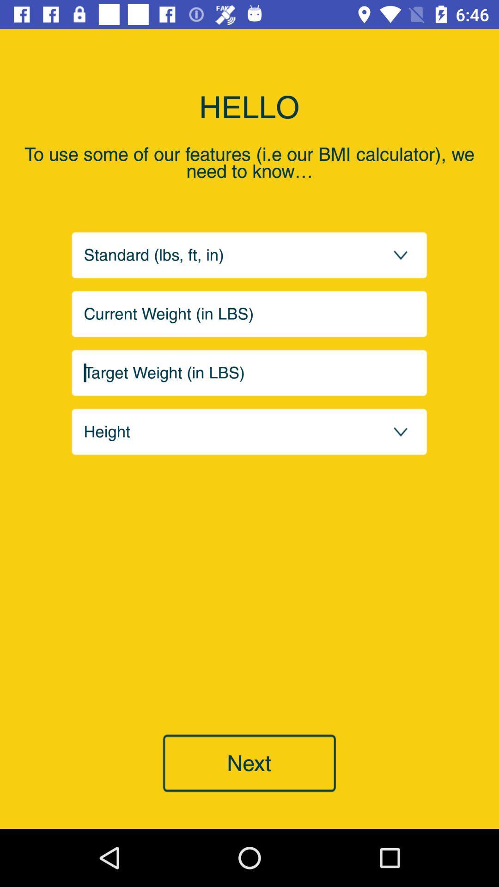 Image resolution: width=499 pixels, height=887 pixels. What do you see at coordinates (249, 373) in the screenshot?
I see `target weight` at bounding box center [249, 373].